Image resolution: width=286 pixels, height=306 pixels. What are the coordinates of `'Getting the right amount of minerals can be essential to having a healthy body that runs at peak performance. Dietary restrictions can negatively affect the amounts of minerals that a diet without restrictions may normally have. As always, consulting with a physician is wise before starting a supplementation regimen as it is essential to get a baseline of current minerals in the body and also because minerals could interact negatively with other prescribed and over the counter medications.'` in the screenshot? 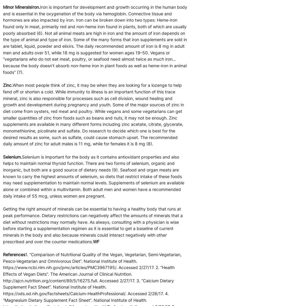 It's located at (92, 225).